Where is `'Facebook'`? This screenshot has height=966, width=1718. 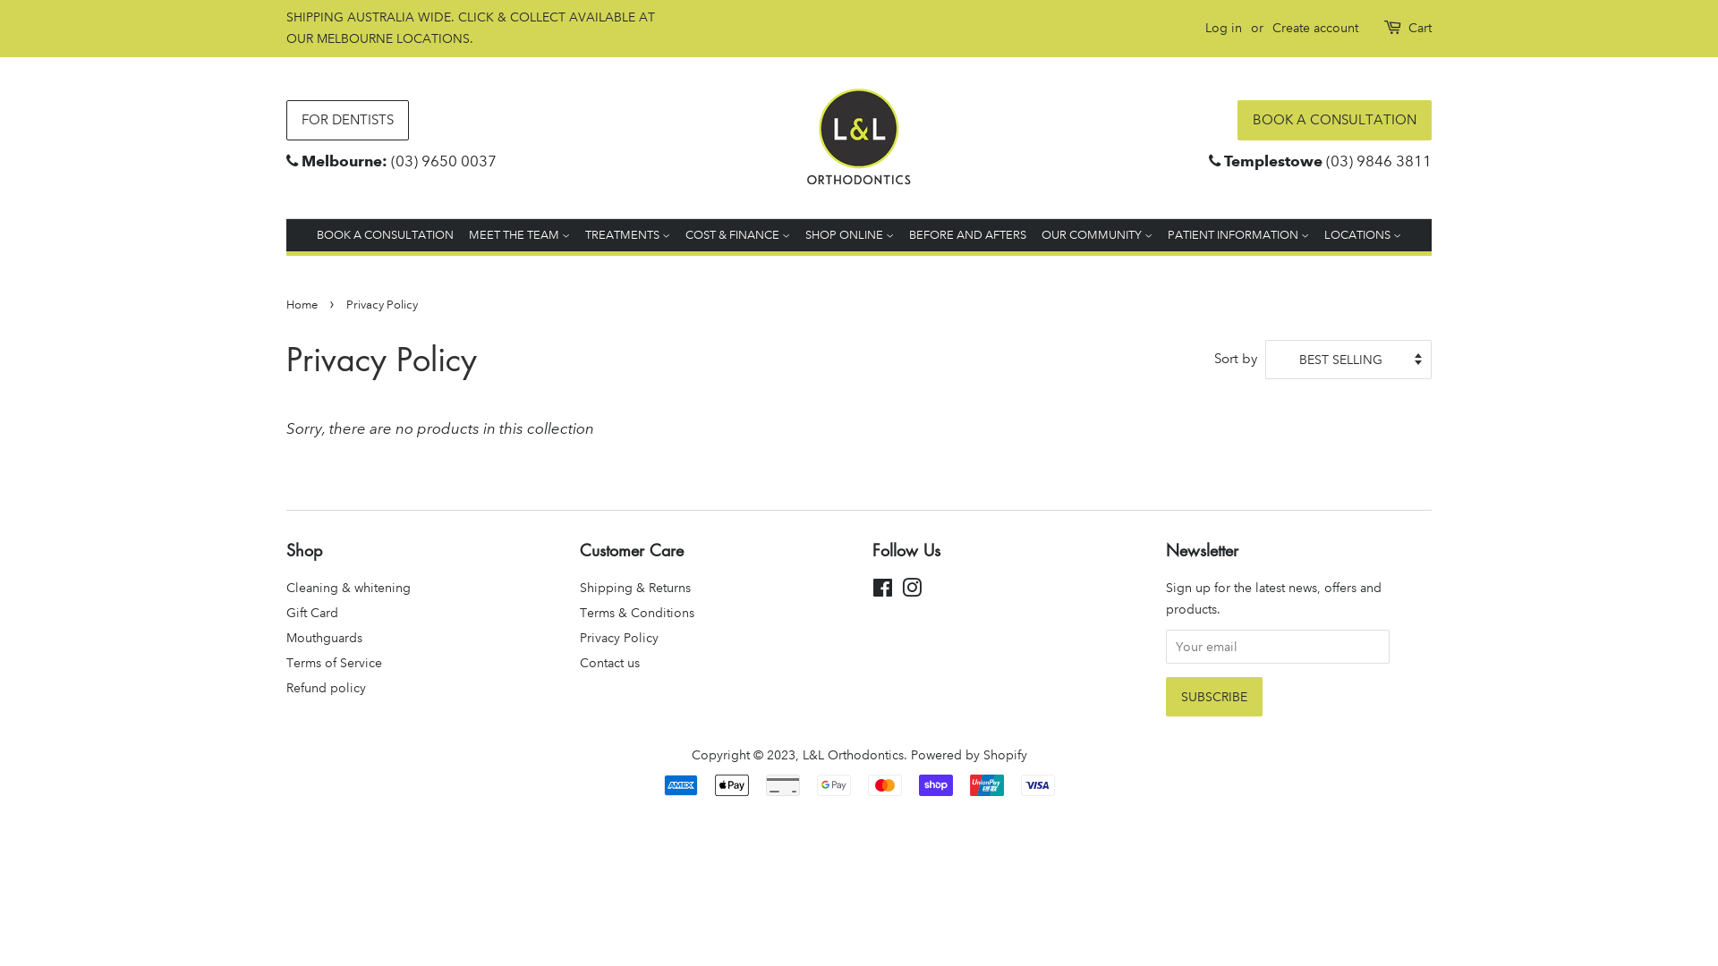 'Facebook' is located at coordinates (882, 590).